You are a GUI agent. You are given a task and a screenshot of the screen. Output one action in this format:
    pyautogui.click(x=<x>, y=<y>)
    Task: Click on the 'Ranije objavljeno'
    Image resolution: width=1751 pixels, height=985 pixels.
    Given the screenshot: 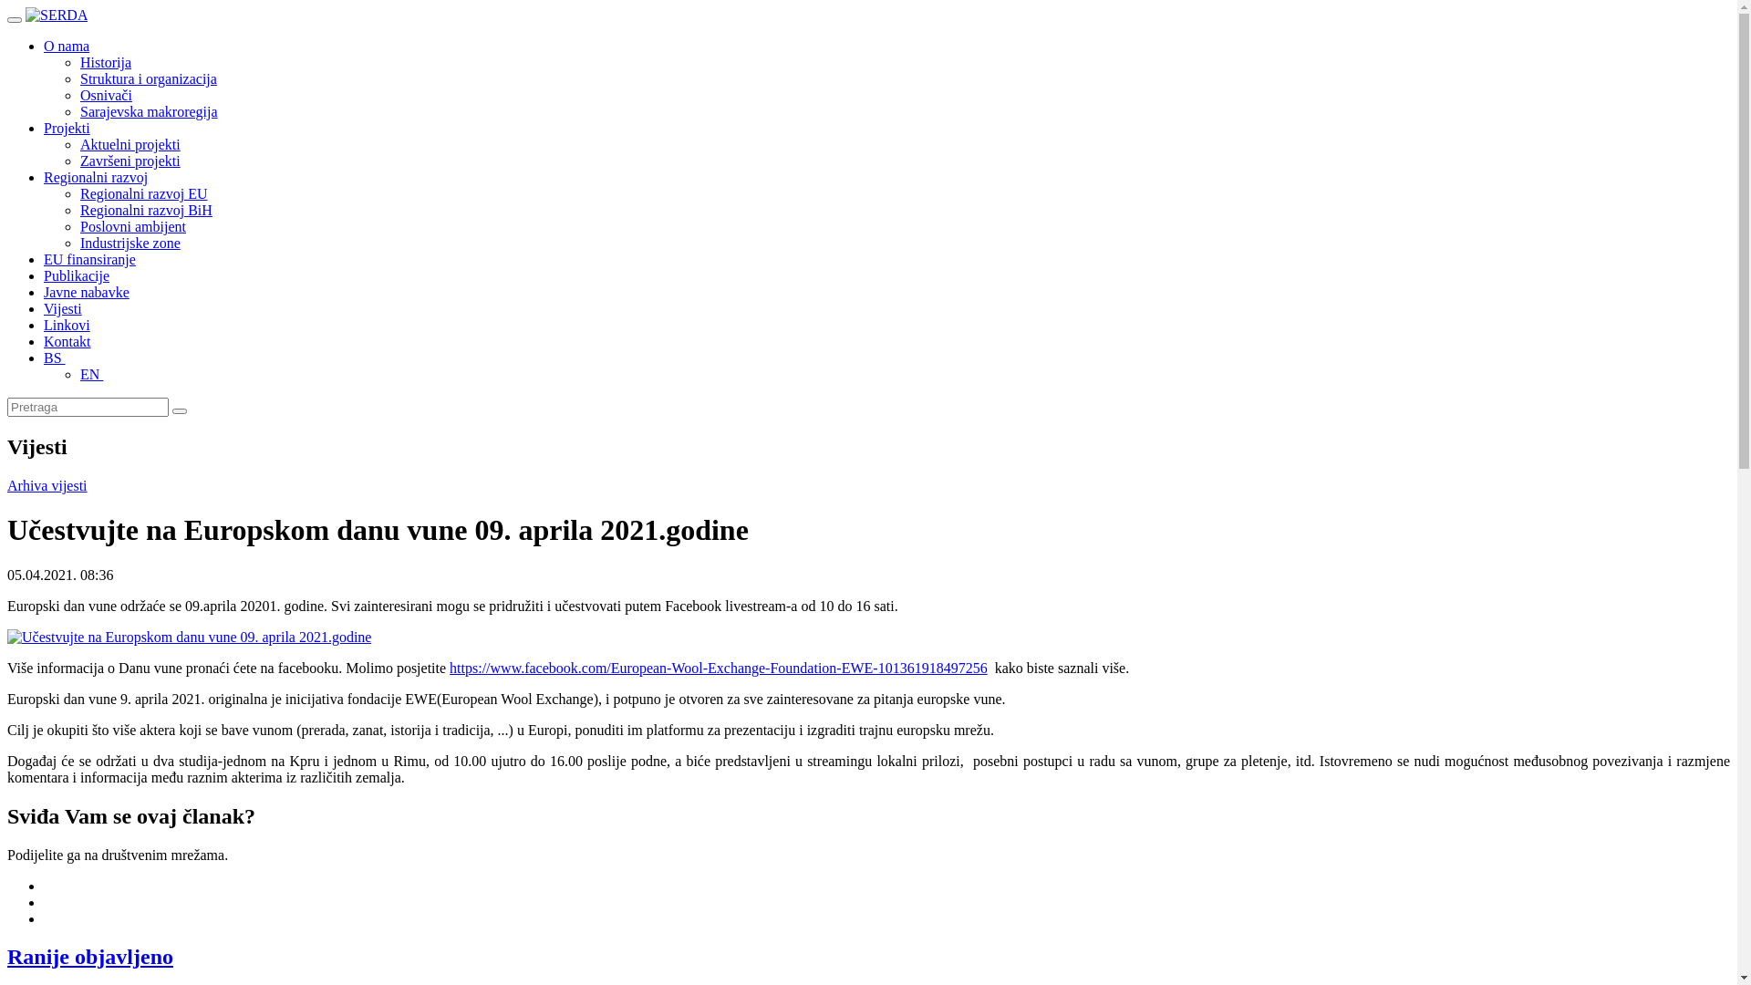 What is the action you would take?
    pyautogui.click(x=89, y=956)
    